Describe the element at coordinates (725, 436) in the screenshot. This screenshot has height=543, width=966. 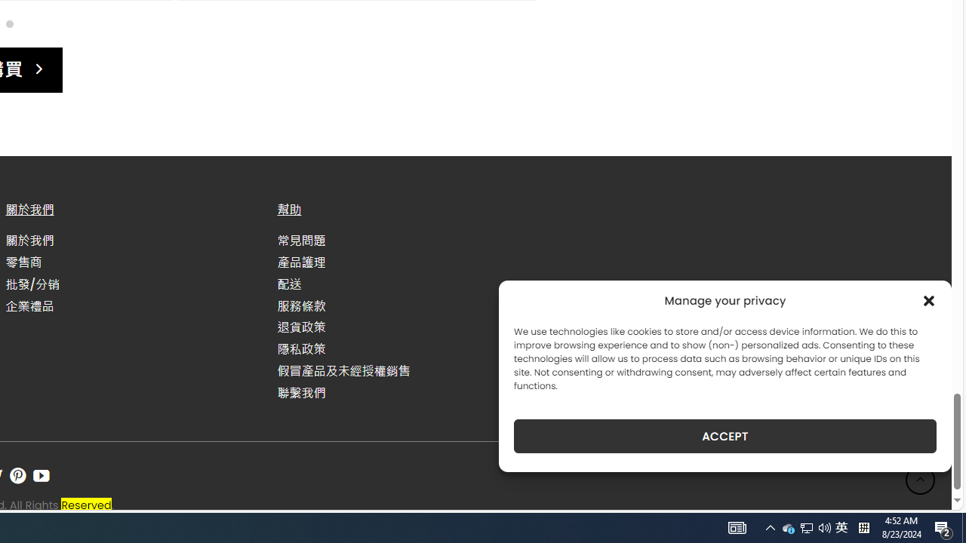
I see `'ACCEPT'` at that location.